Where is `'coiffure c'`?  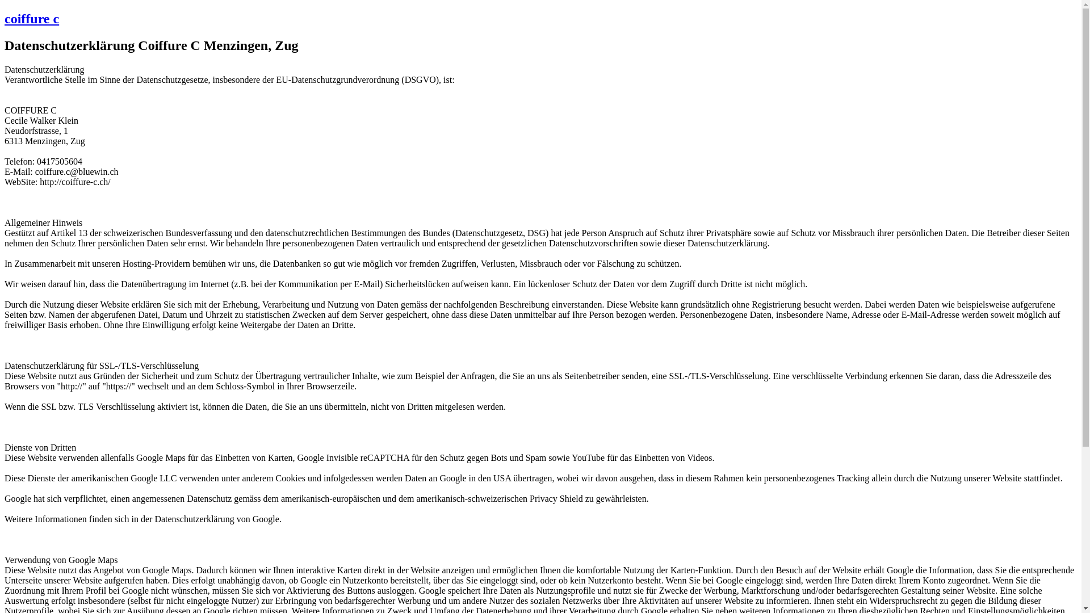
'coiffure c' is located at coordinates (5, 19).